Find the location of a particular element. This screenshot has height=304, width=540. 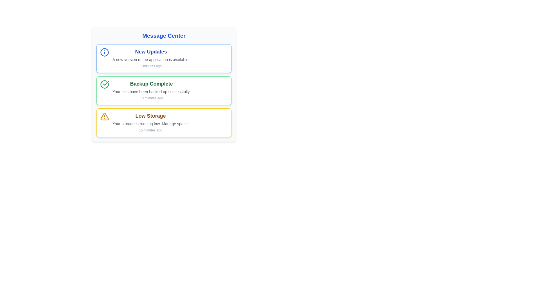

the icon that visually alerts users about the 'Low Storage' message is located at coordinates (104, 116).